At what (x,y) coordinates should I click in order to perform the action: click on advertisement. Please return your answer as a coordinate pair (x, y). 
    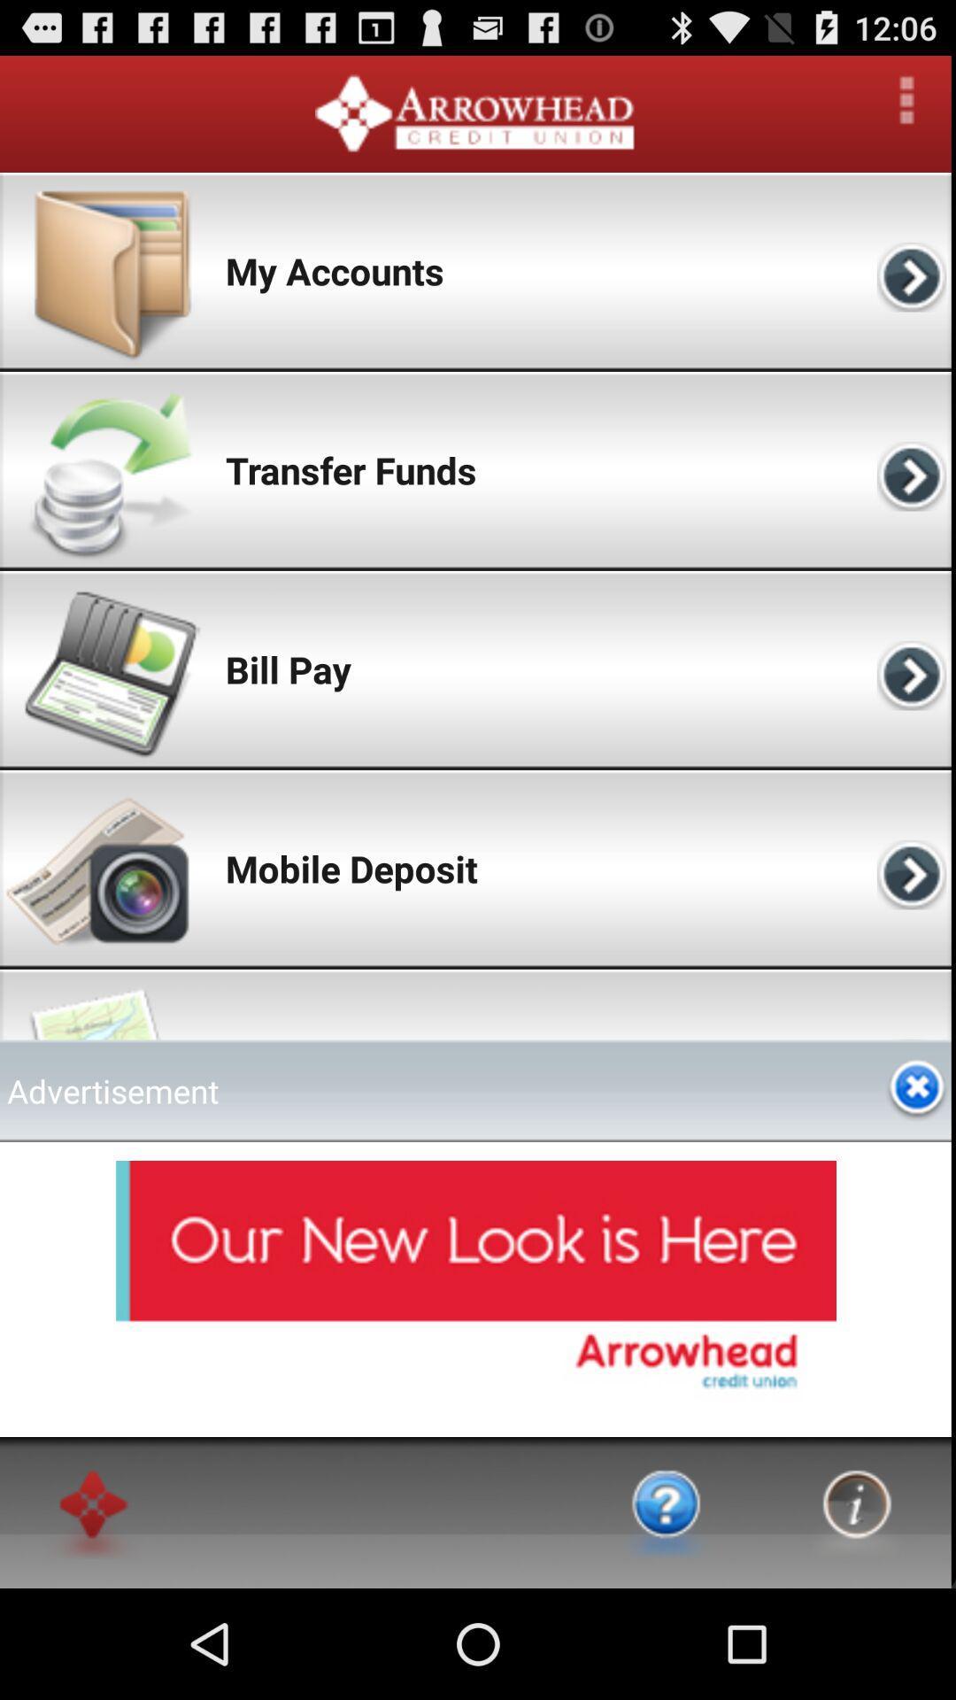
    Looking at the image, I should click on (916, 1089).